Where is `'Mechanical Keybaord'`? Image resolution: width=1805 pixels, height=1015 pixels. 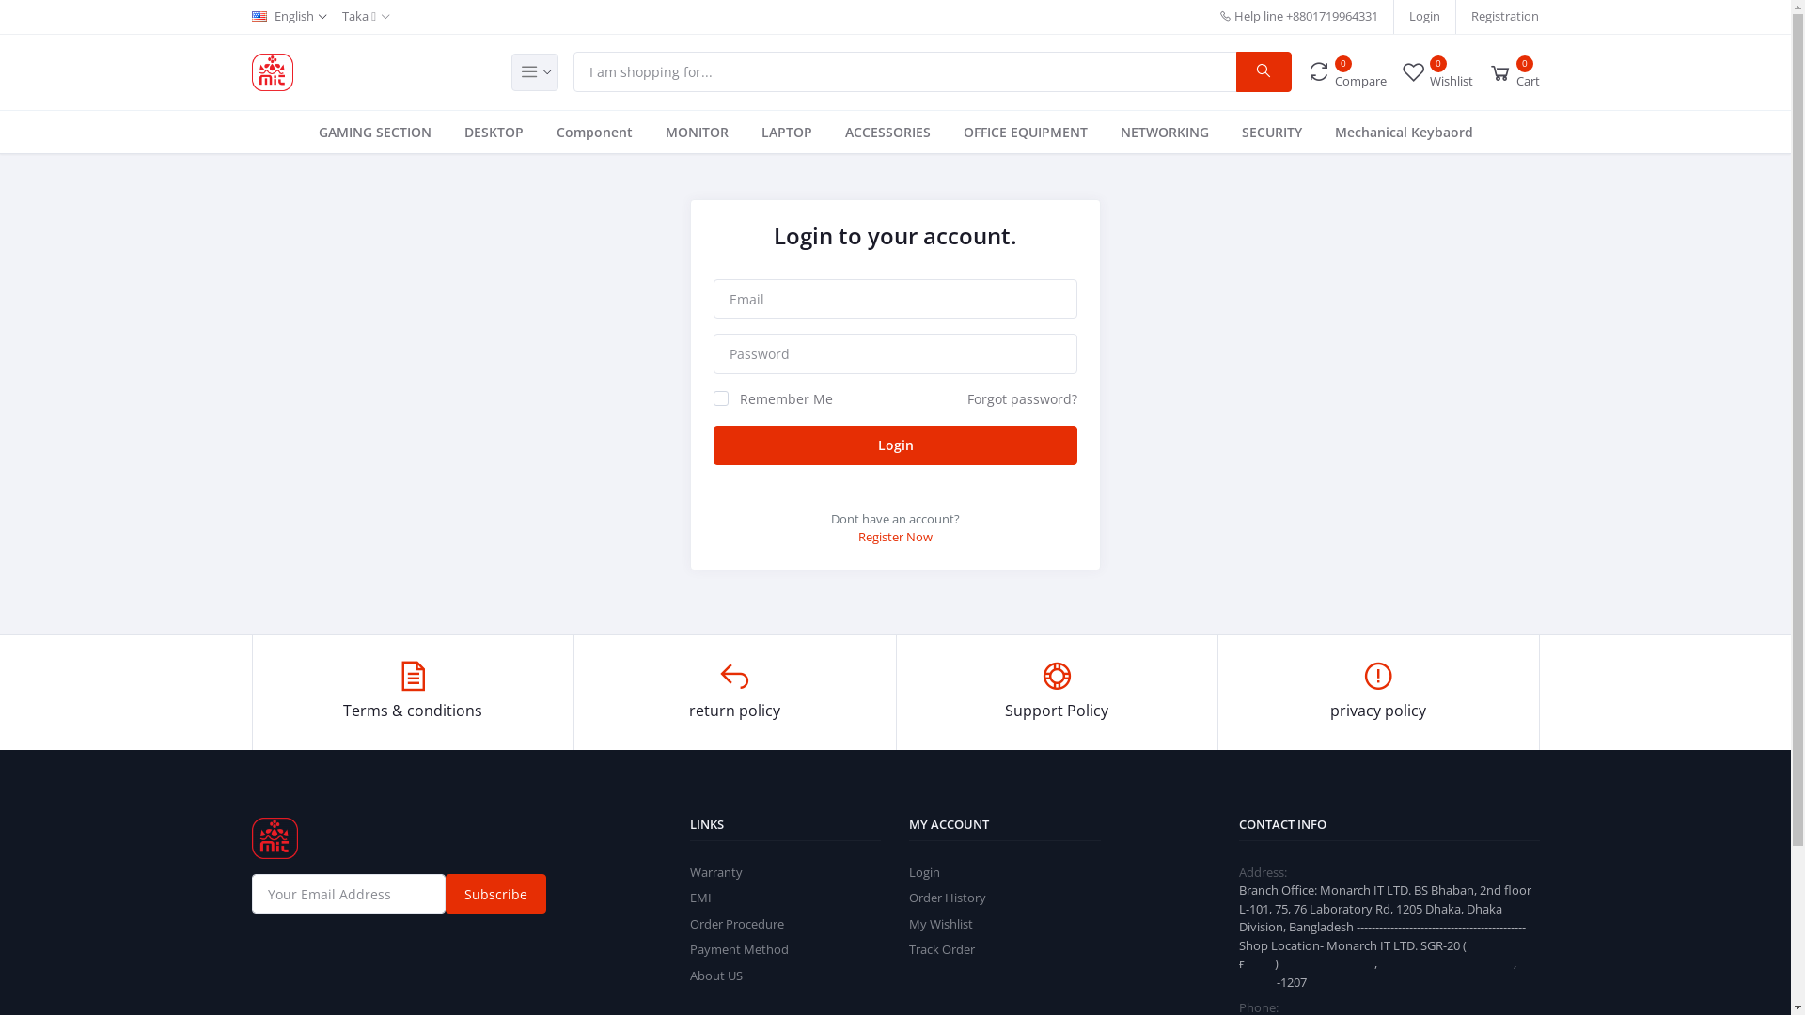 'Mechanical Keybaord' is located at coordinates (1404, 131).